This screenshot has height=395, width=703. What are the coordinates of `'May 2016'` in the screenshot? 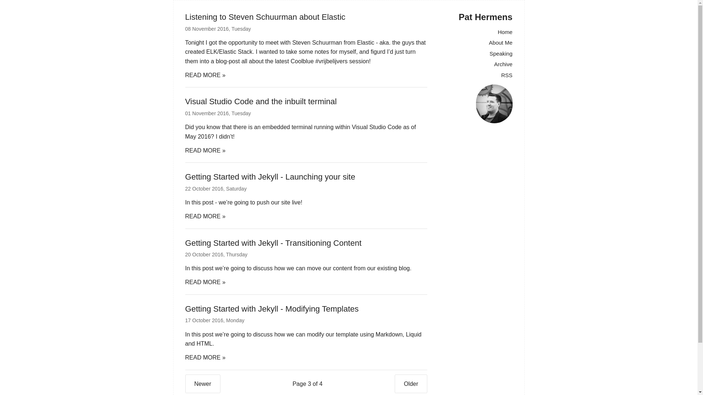 It's located at (198, 136).